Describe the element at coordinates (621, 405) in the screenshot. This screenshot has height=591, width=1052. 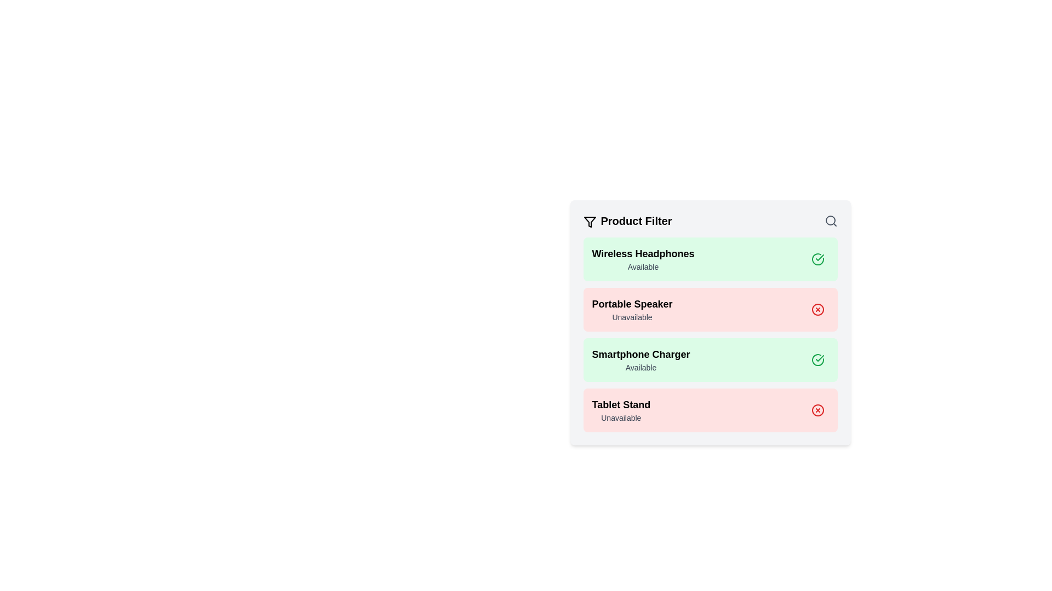
I see `the 'Tablet Stand' text label` at that location.